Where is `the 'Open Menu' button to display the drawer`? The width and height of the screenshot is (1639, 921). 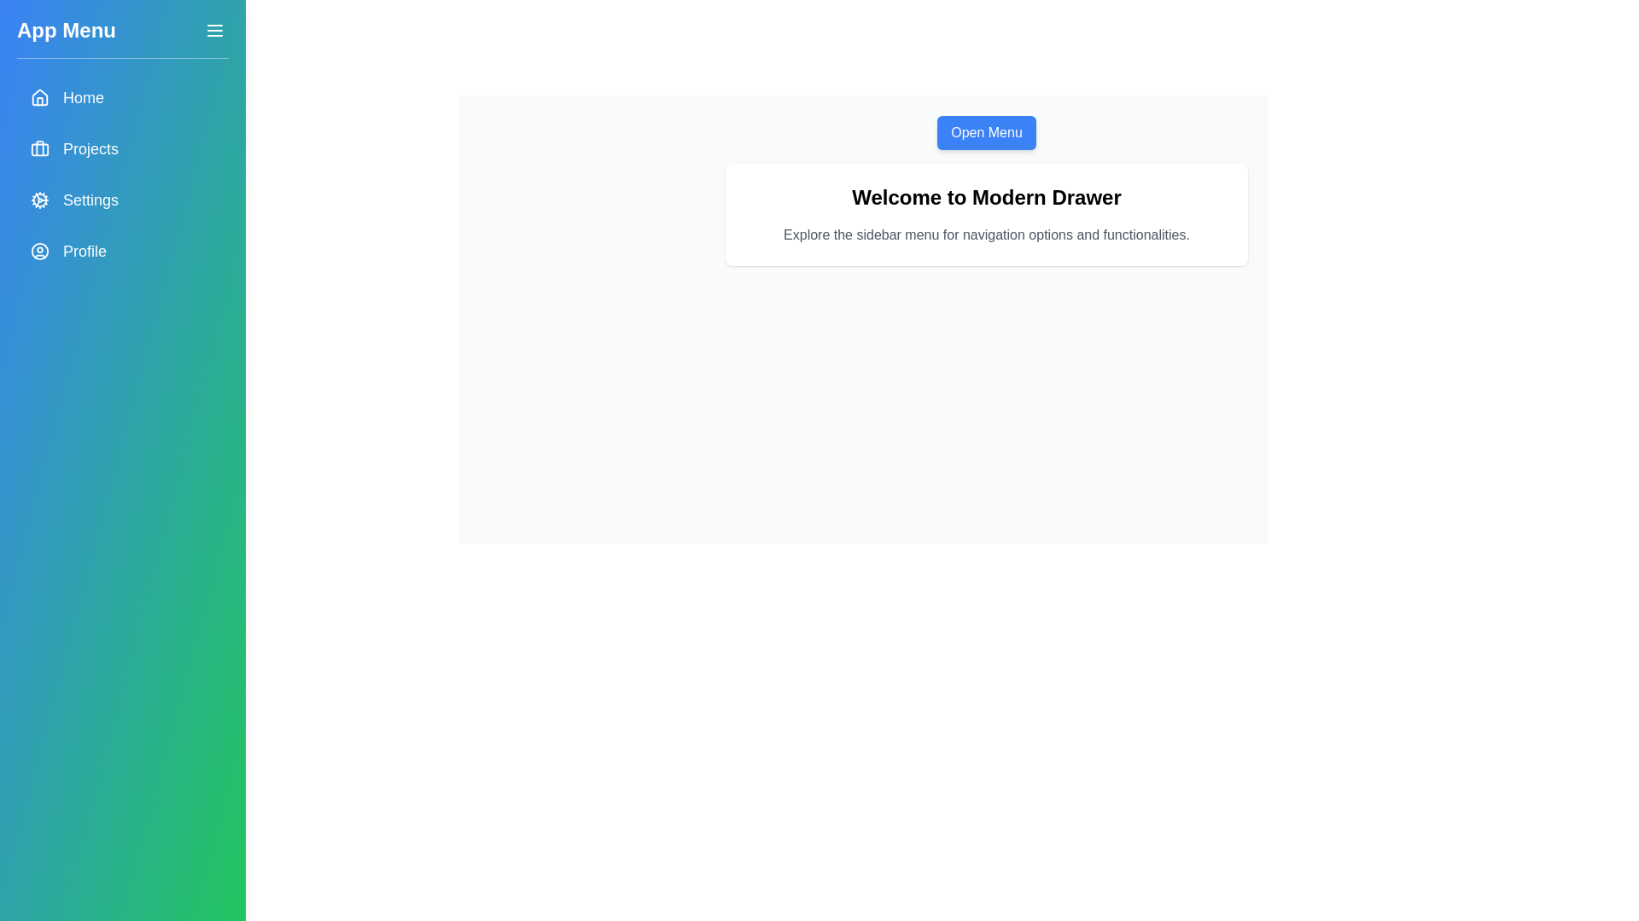 the 'Open Menu' button to display the drawer is located at coordinates (986, 131).